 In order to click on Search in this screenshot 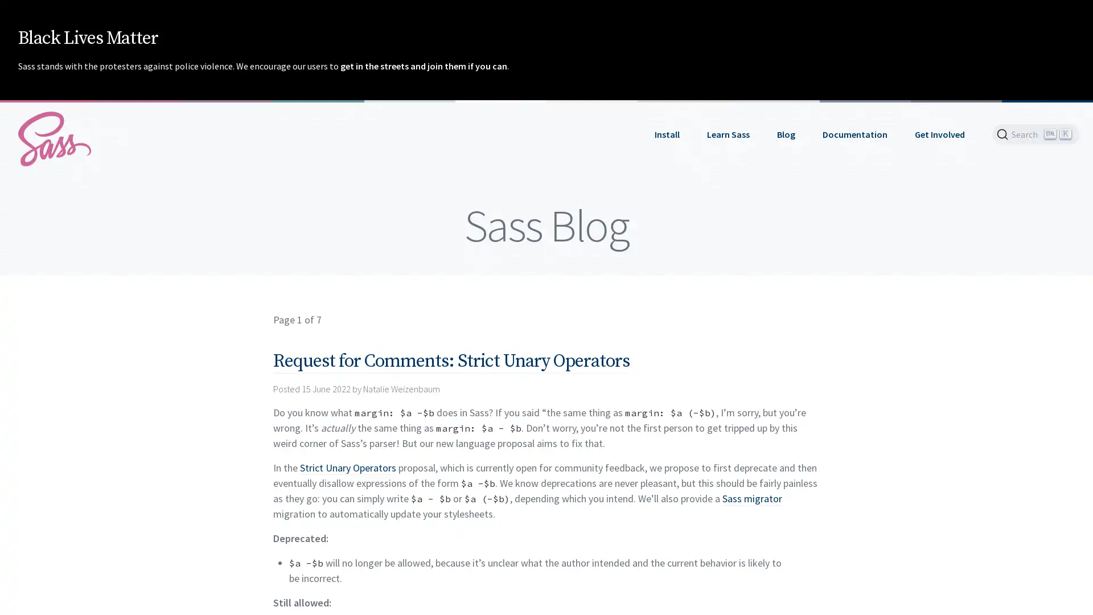, I will do `click(1036, 133)`.